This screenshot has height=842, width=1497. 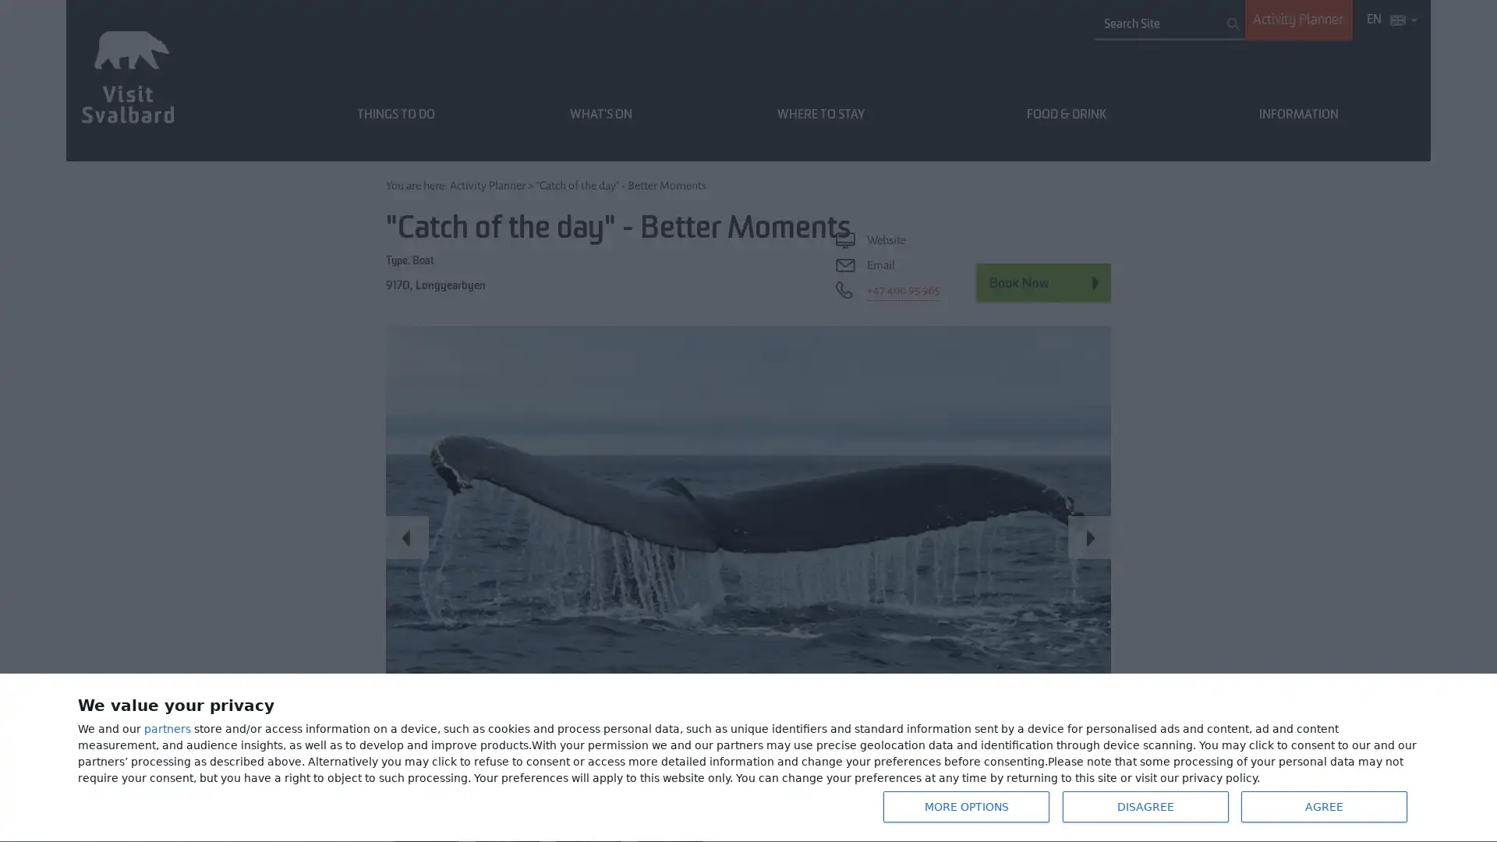 What do you see at coordinates (168, 730) in the screenshot?
I see `partners` at bounding box center [168, 730].